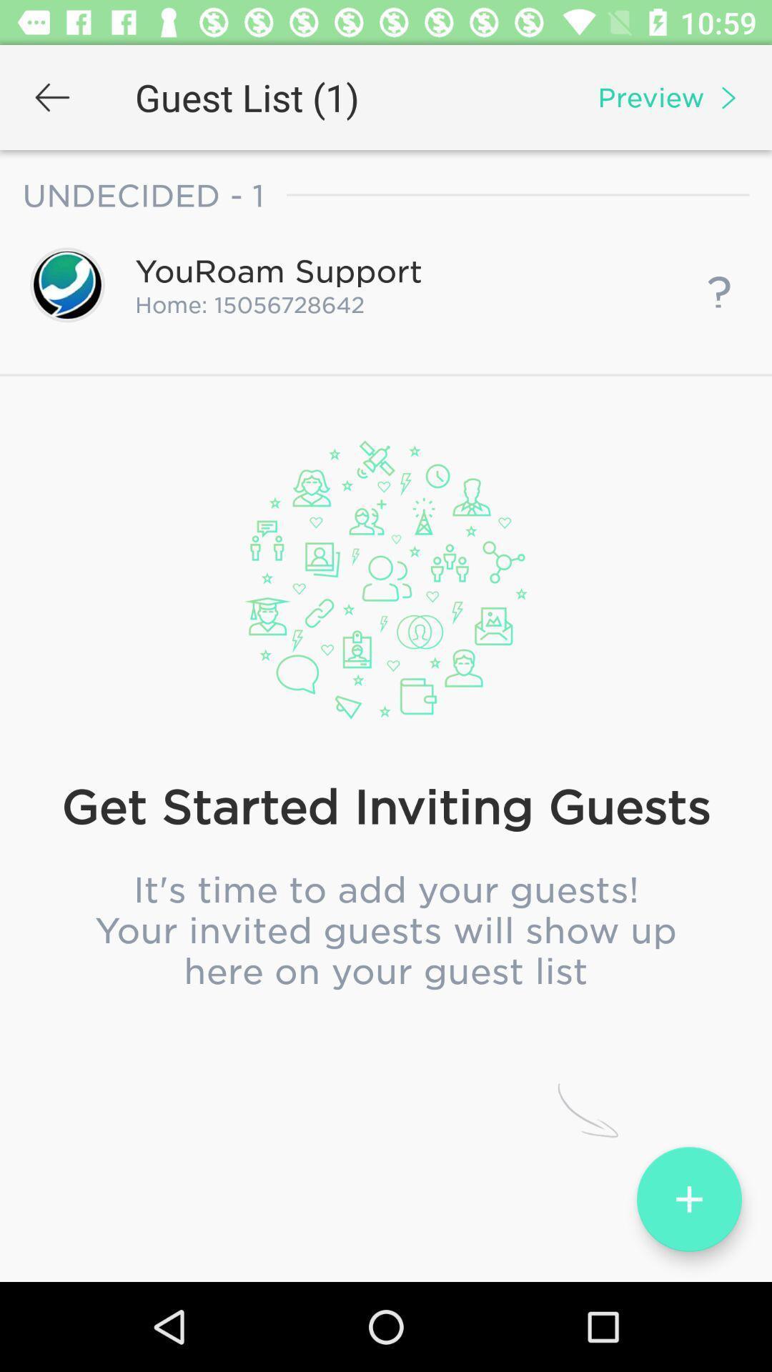 This screenshot has height=1372, width=772. Describe the element at coordinates (719, 284) in the screenshot. I see `icon next to home: 15056728642` at that location.